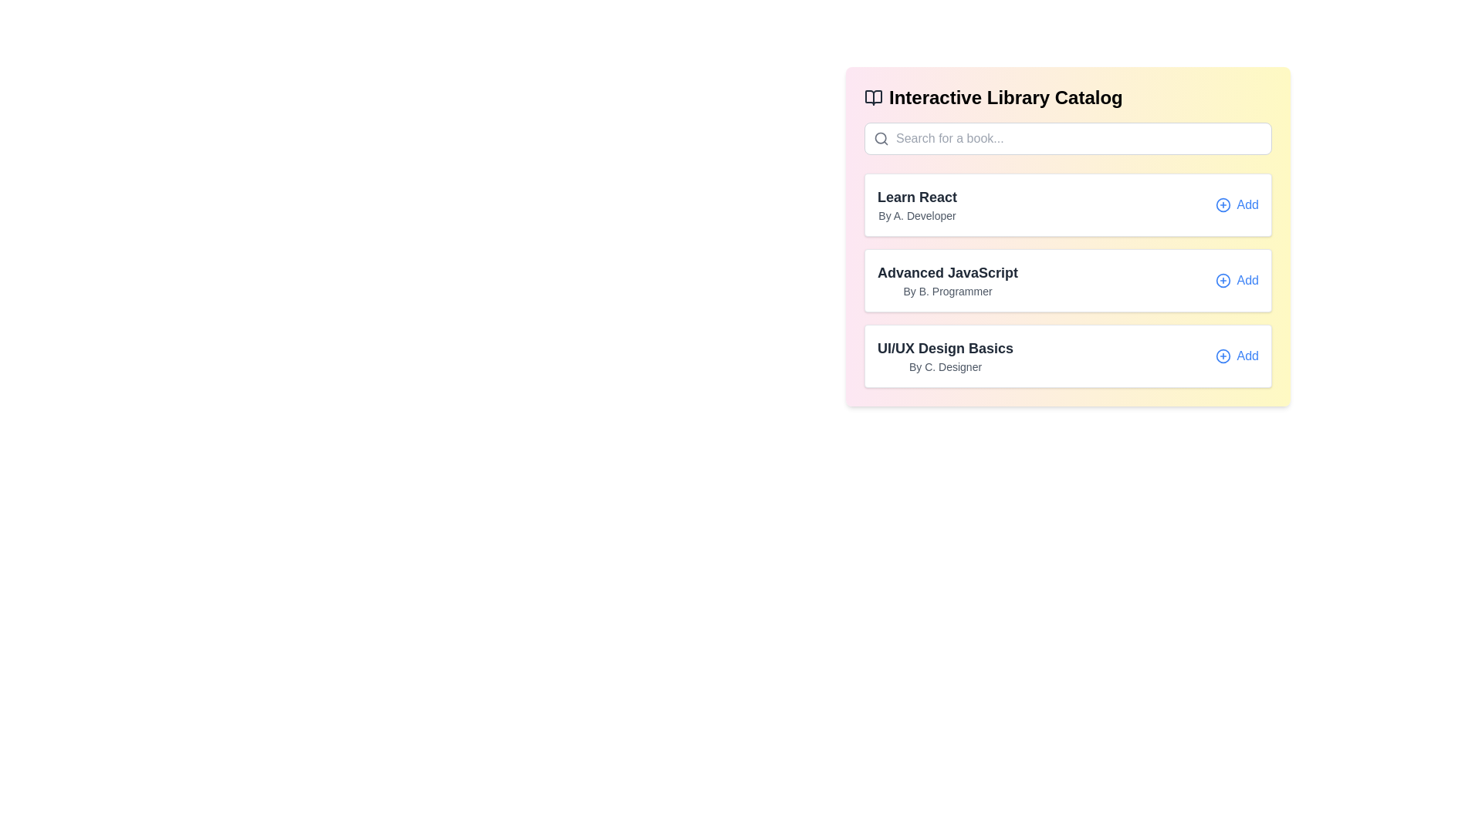  What do you see at coordinates (1237, 204) in the screenshot?
I see `the 'Add' button` at bounding box center [1237, 204].